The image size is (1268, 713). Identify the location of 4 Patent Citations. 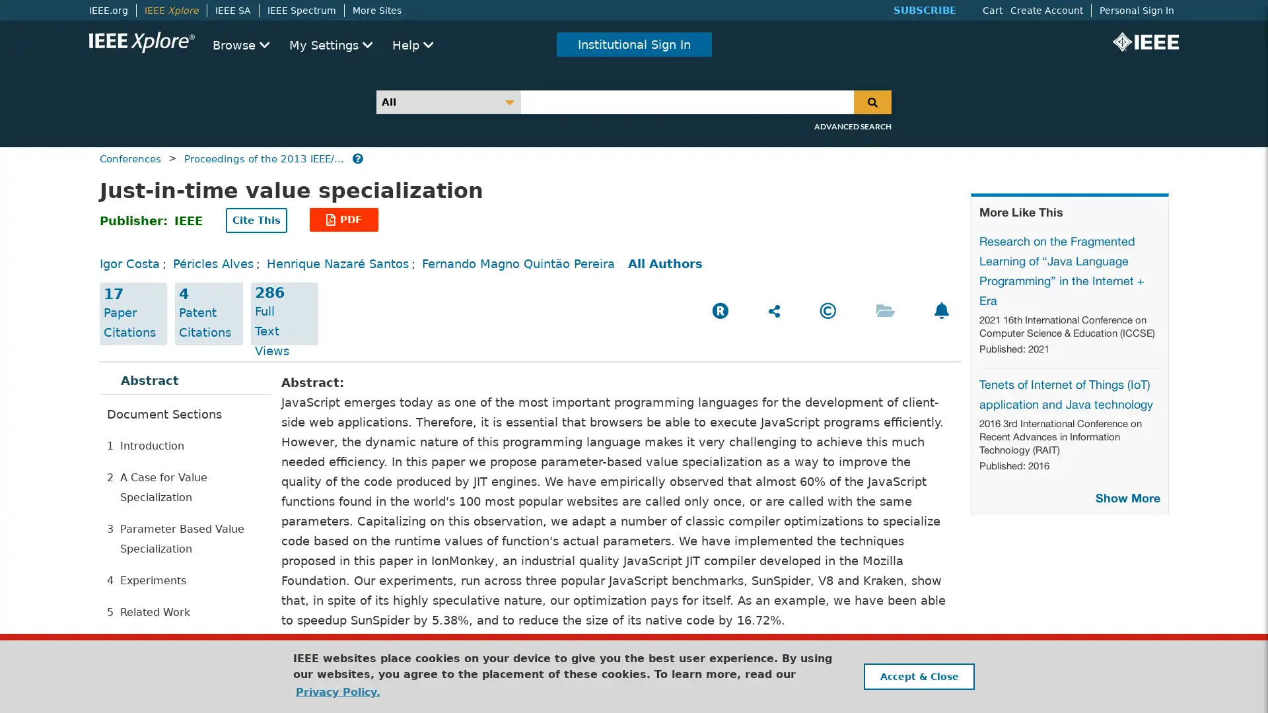
(208, 314).